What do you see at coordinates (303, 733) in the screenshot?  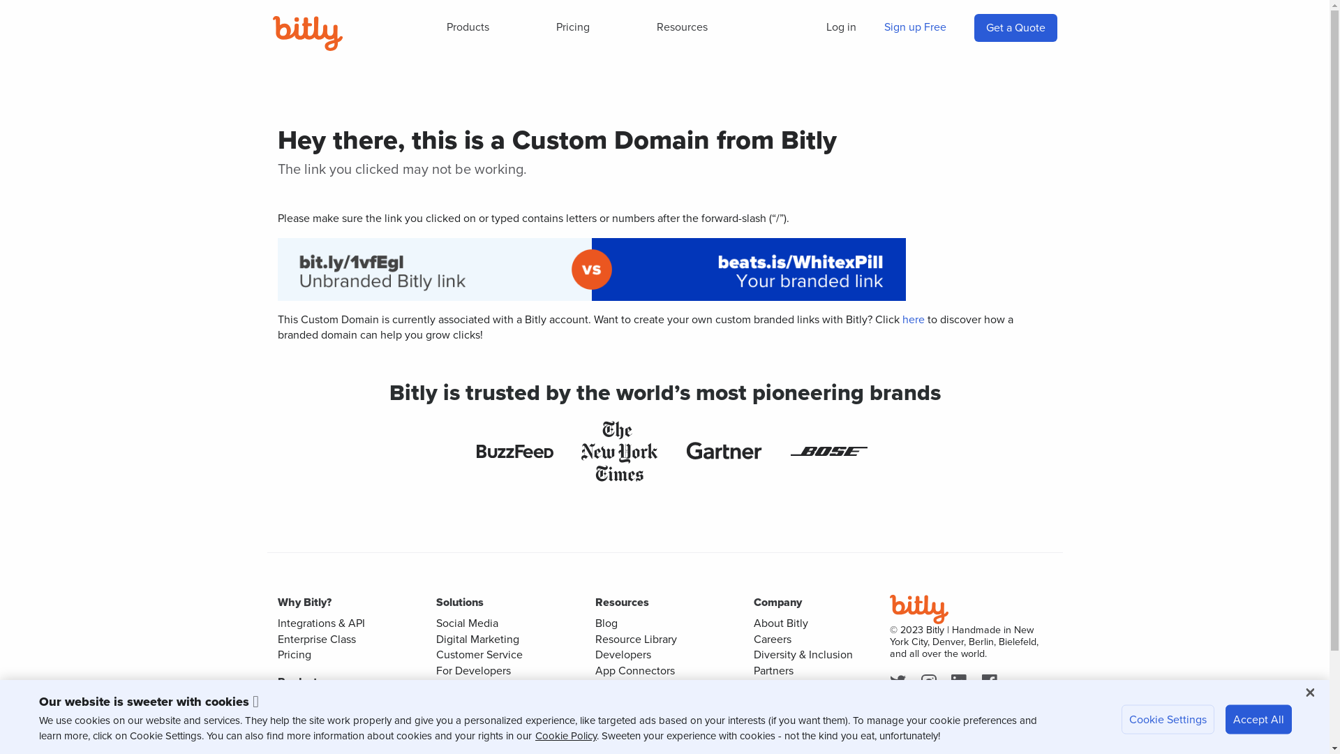 I see `'Link-in-bio'` at bounding box center [303, 733].